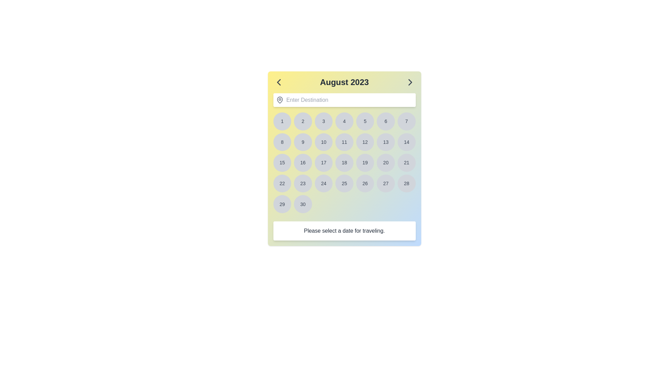 This screenshot has height=369, width=657. What do you see at coordinates (323, 121) in the screenshot?
I see `the circular button labeled '3'` at bounding box center [323, 121].